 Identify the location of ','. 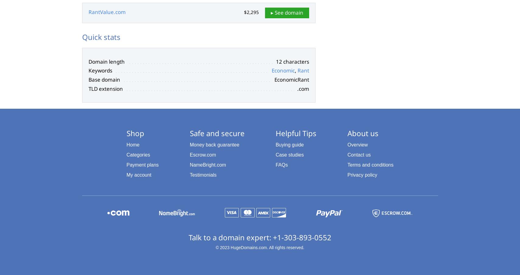
(296, 70).